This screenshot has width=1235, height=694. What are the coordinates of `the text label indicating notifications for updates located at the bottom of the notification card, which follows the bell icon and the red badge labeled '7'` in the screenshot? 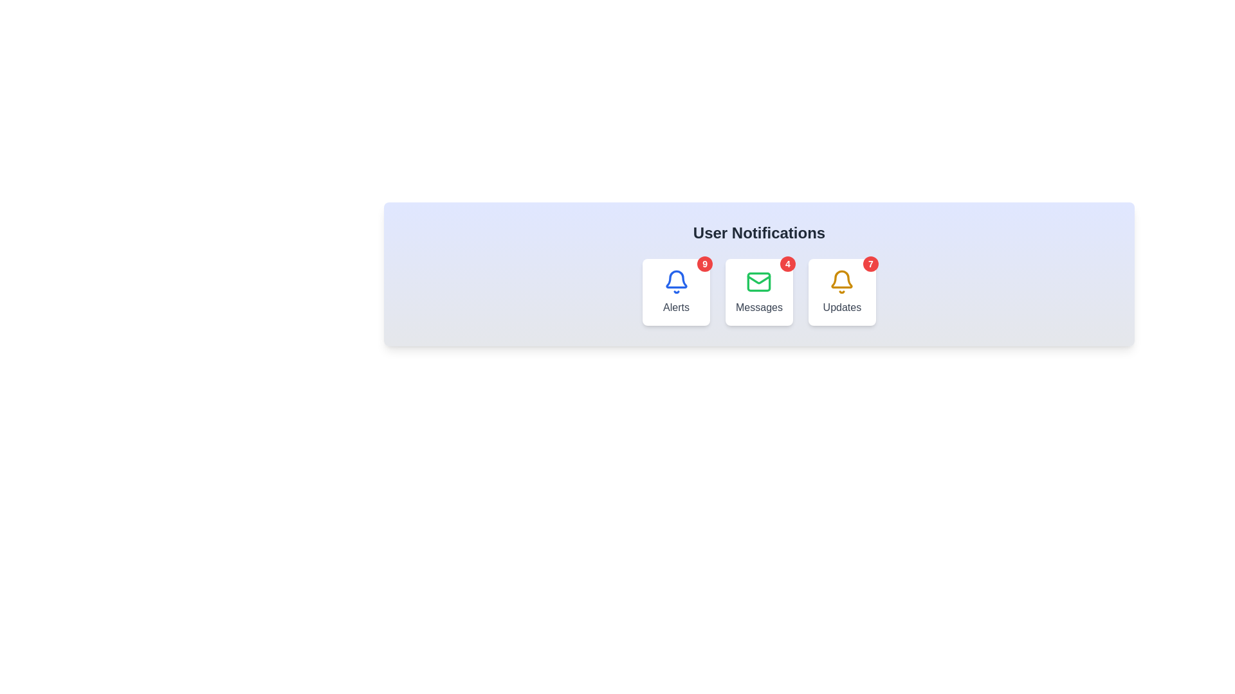 It's located at (842, 307).